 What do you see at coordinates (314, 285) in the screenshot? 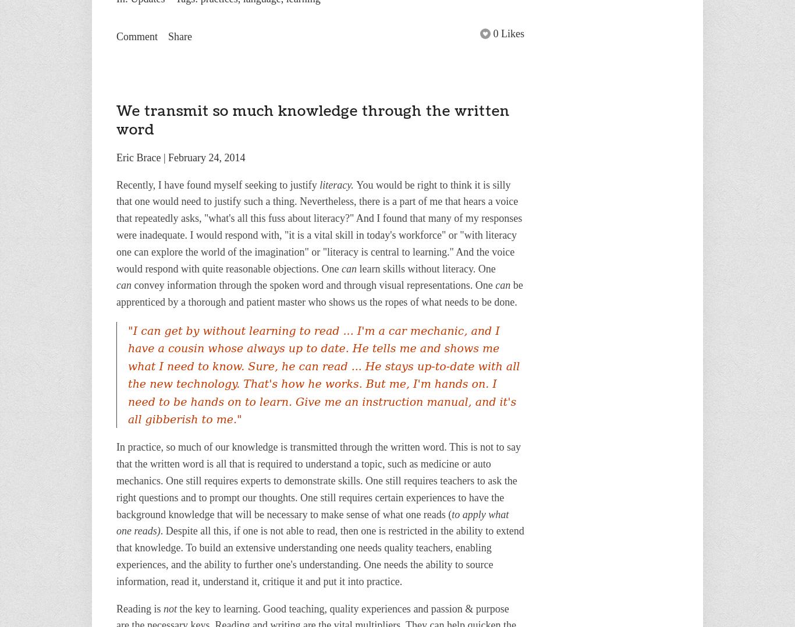
I see `'convey information through the spoken word and through visual representations. One'` at bounding box center [314, 285].